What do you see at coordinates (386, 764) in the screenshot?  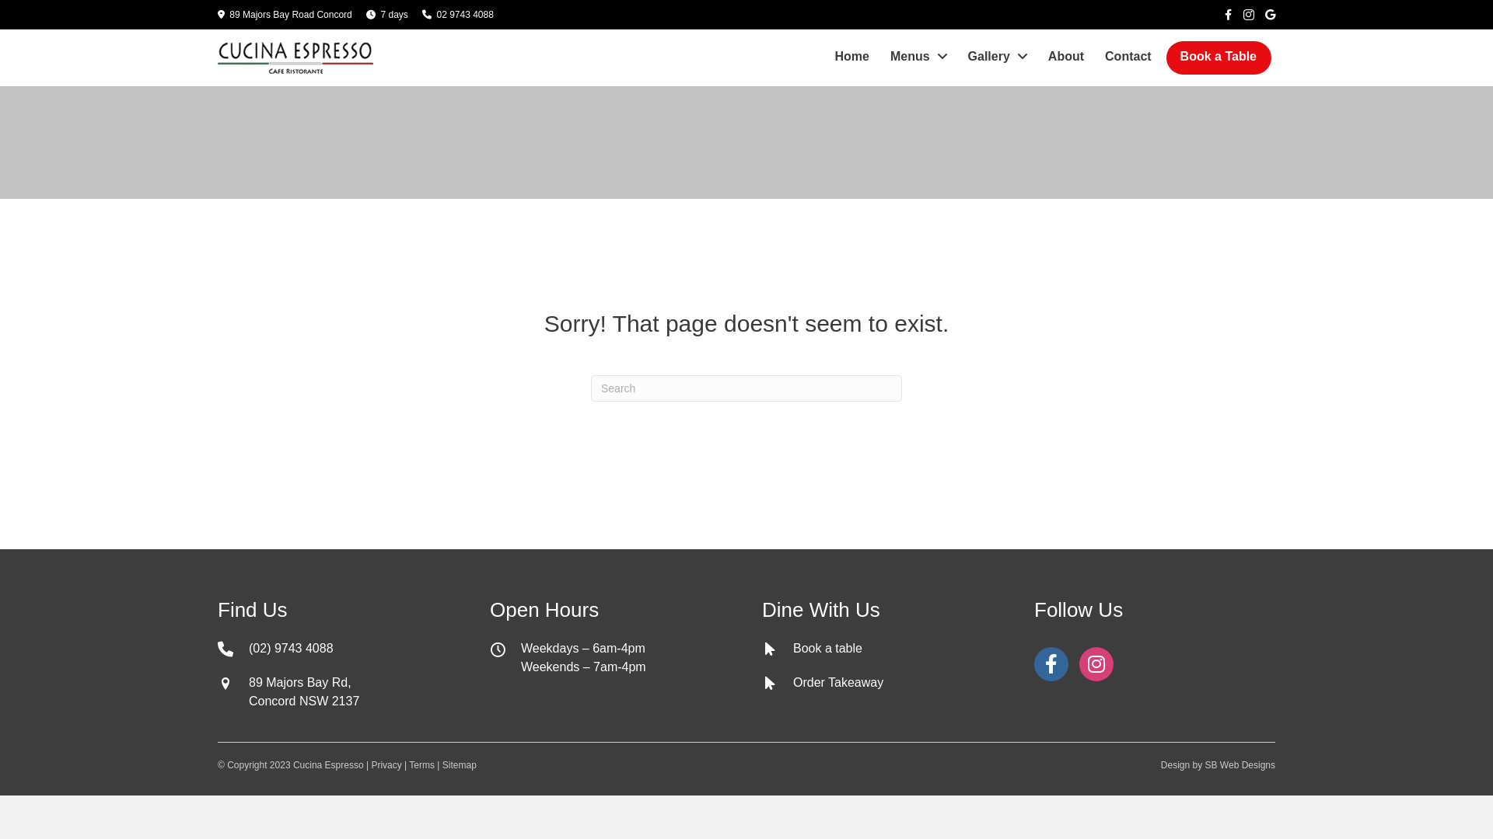 I see `'Privacy'` at bounding box center [386, 764].